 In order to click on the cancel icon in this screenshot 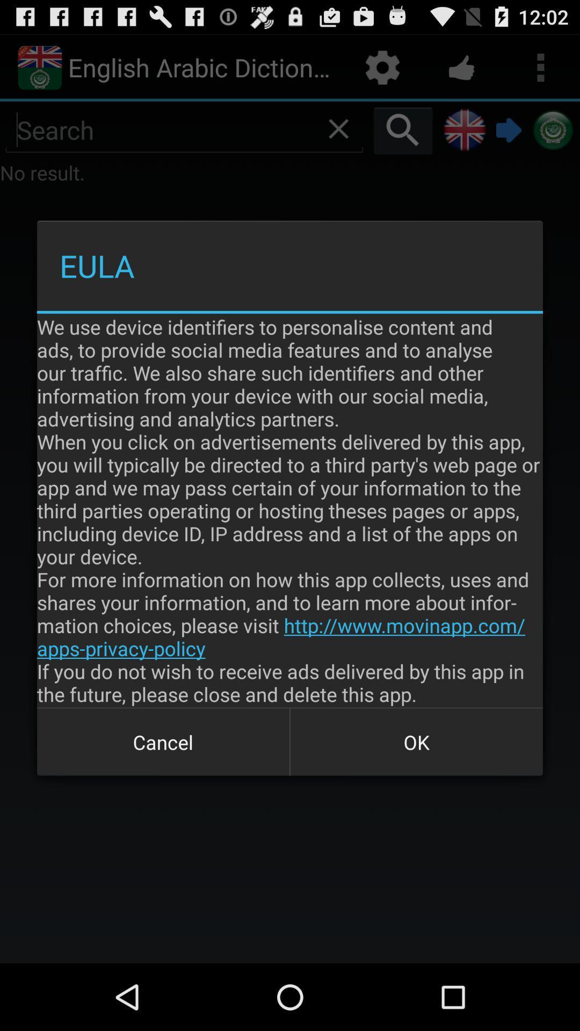, I will do `click(163, 742)`.